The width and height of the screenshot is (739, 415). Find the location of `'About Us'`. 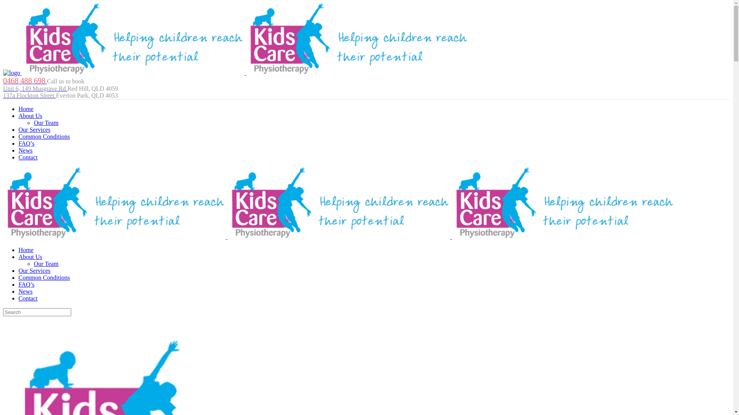

'About Us' is located at coordinates (18, 257).